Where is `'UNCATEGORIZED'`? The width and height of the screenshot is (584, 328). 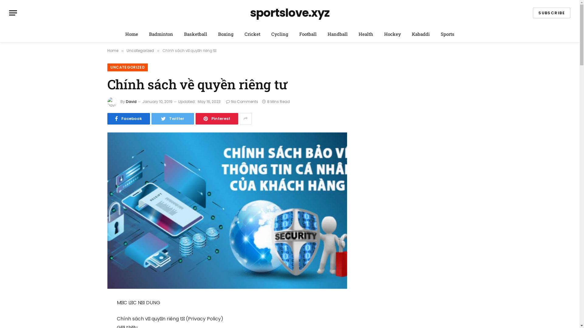 'UNCATEGORIZED' is located at coordinates (127, 67).